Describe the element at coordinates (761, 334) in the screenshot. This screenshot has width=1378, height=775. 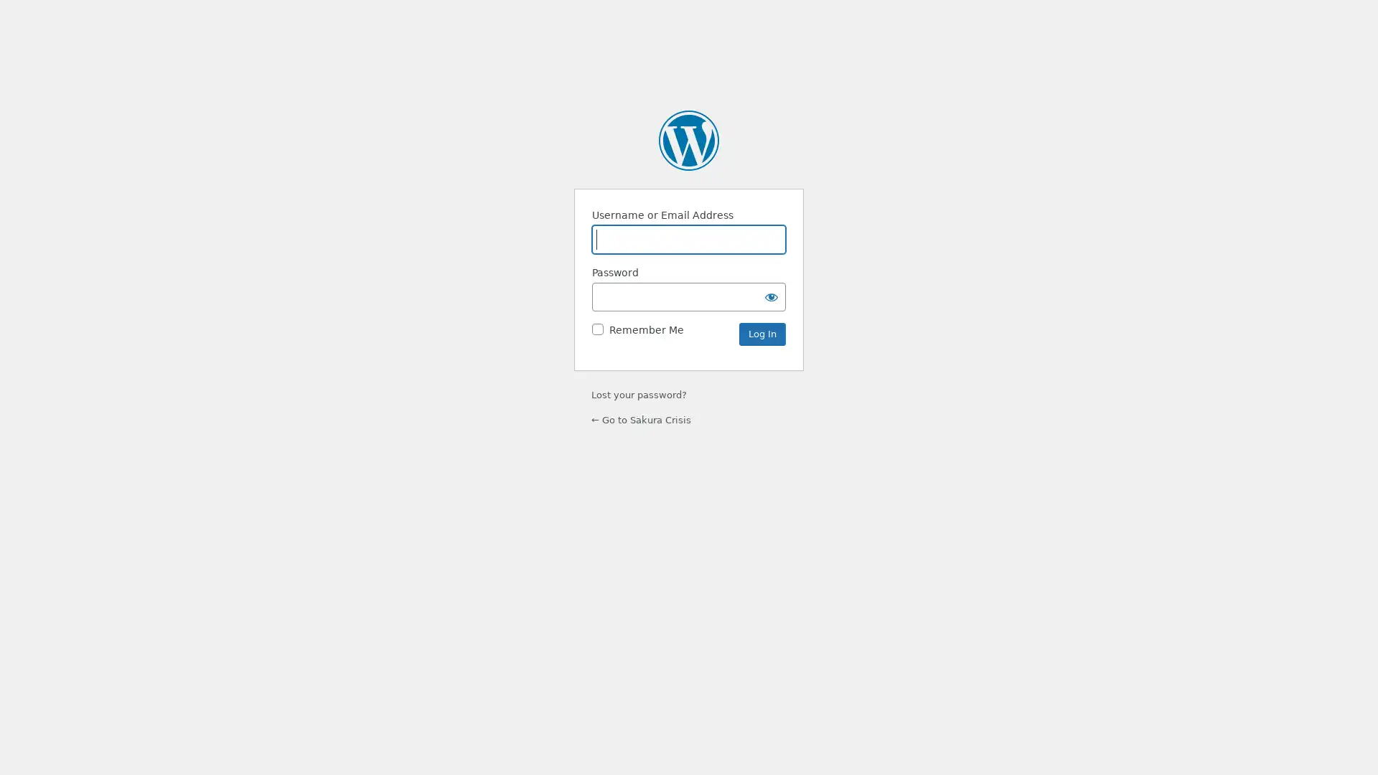
I see `Log In` at that location.